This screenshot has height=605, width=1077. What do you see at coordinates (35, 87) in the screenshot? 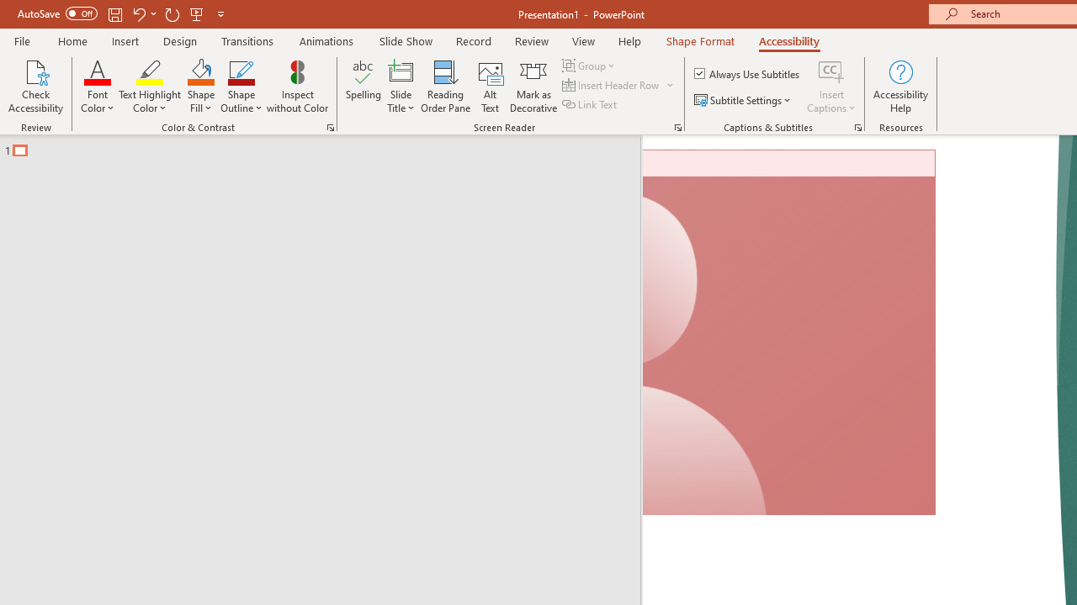
I see `'Check Accessibility'` at bounding box center [35, 87].